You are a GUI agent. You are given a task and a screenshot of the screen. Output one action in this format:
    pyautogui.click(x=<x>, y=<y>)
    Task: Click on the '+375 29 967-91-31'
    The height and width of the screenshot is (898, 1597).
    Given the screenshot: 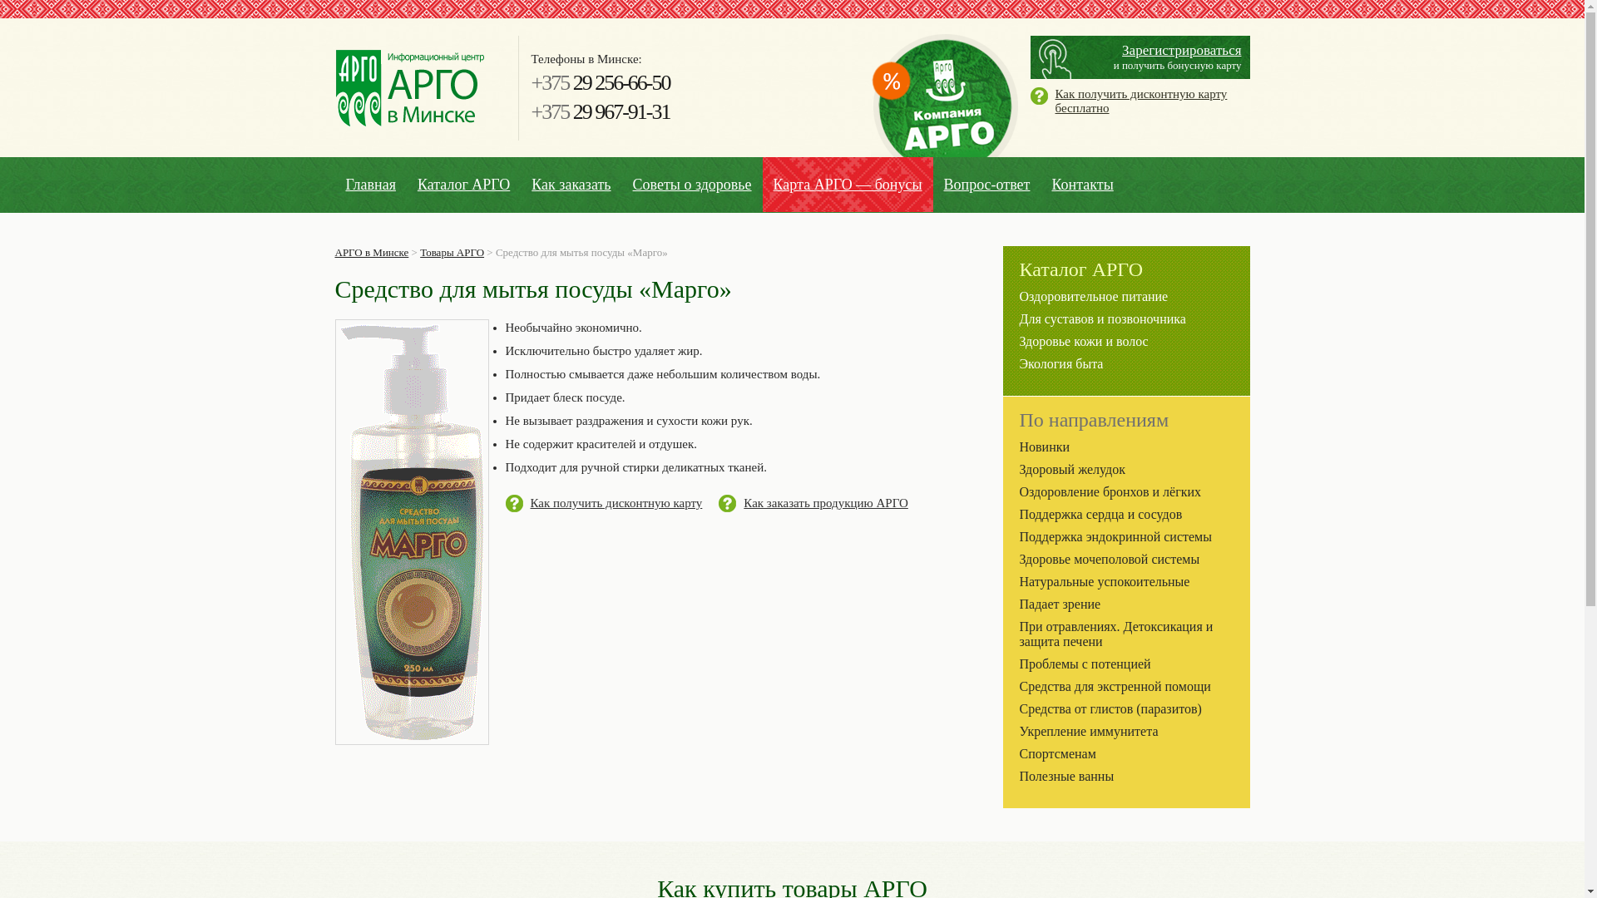 What is the action you would take?
    pyautogui.click(x=599, y=111)
    